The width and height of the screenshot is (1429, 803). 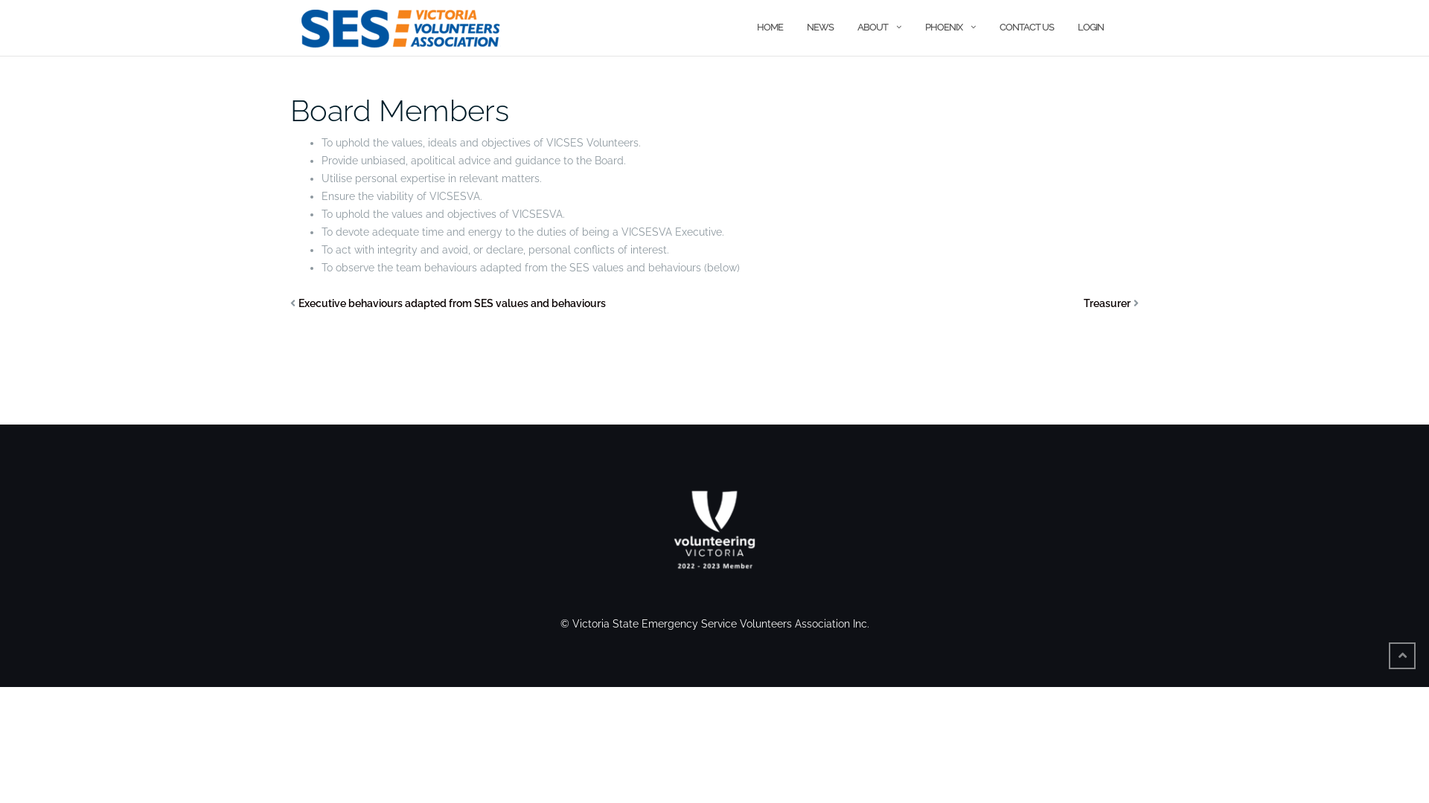 I want to click on 'Board Members', so click(x=400, y=109).